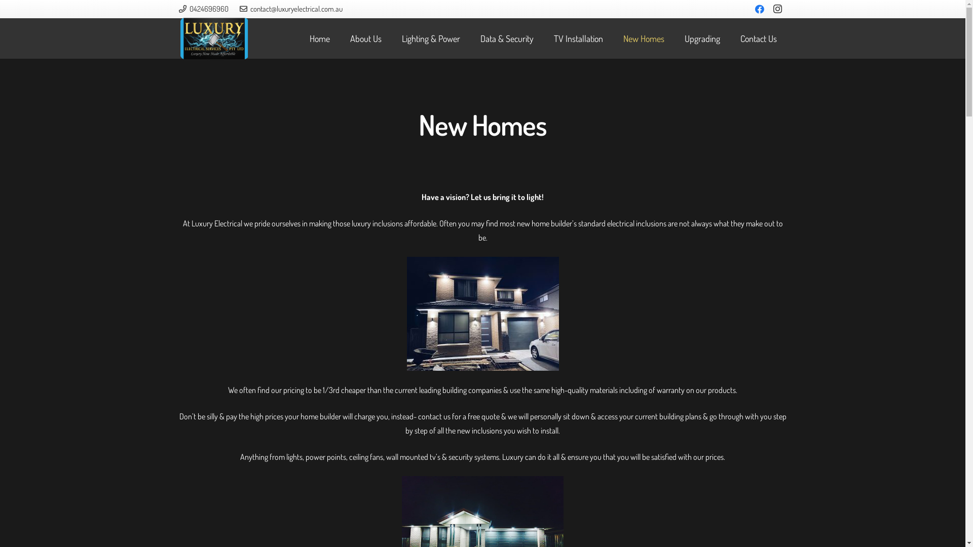  Describe the element at coordinates (203, 9) in the screenshot. I see `'0424696960'` at that location.